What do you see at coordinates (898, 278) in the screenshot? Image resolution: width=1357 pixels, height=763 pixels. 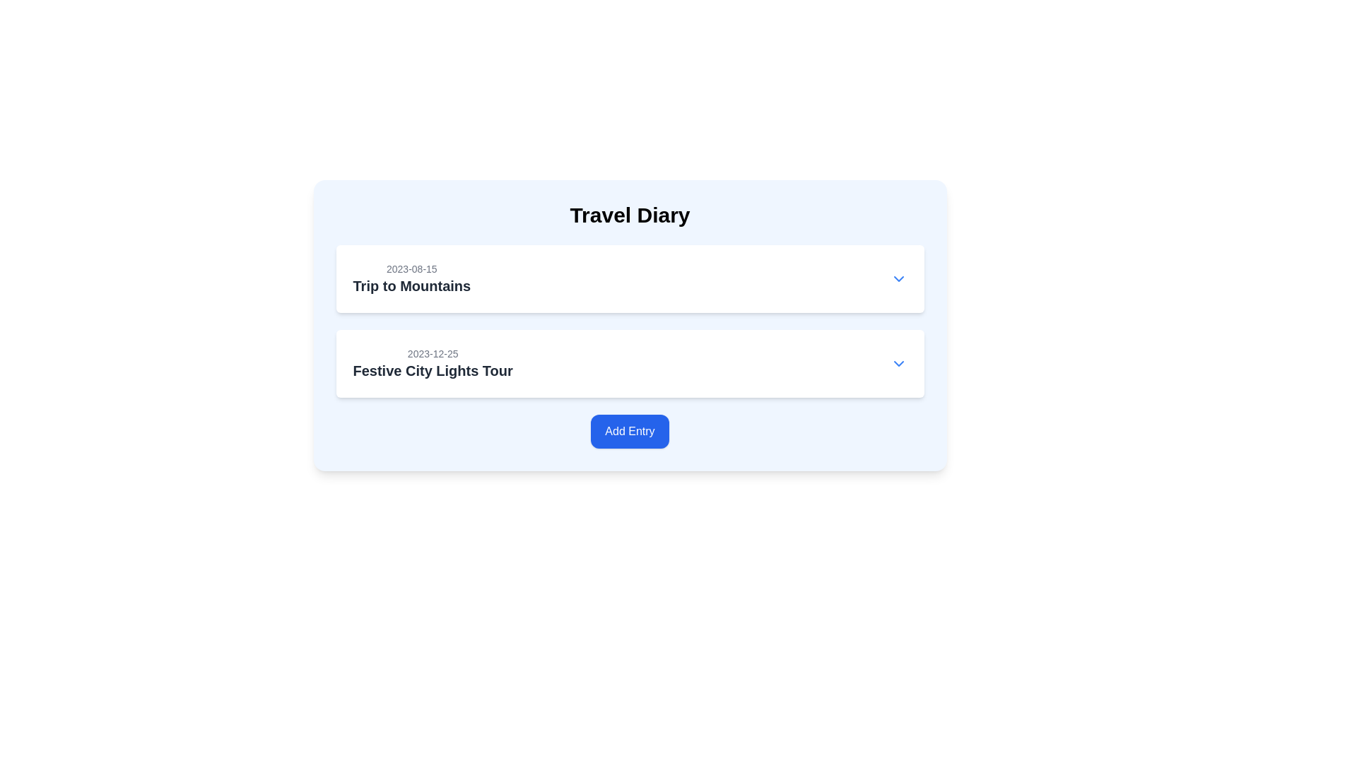 I see `the toggle button located in the top-right corner of the first trip entry titled 'Trip to Mountains' dated '2023-08-15' to observe the color change` at bounding box center [898, 278].